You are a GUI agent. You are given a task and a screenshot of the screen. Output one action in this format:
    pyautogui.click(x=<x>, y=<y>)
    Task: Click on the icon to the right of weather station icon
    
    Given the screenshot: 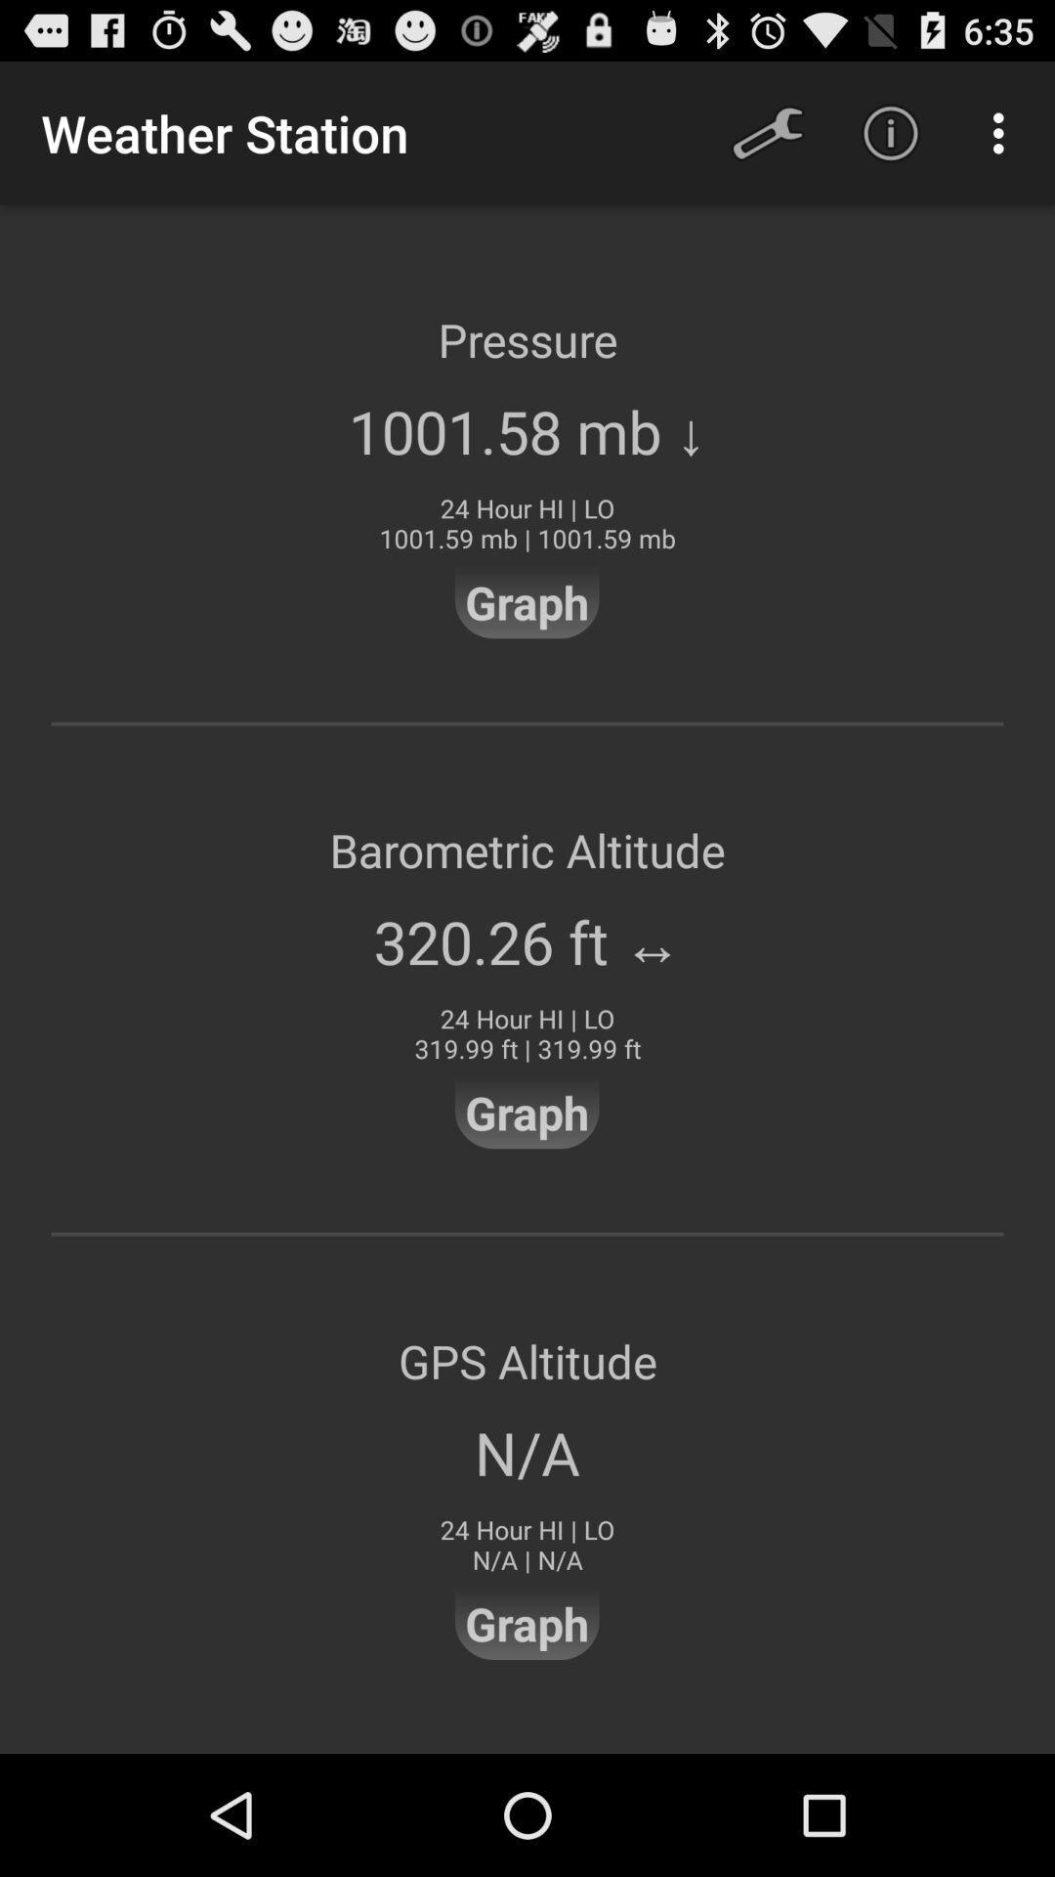 What is the action you would take?
    pyautogui.click(x=767, y=132)
    